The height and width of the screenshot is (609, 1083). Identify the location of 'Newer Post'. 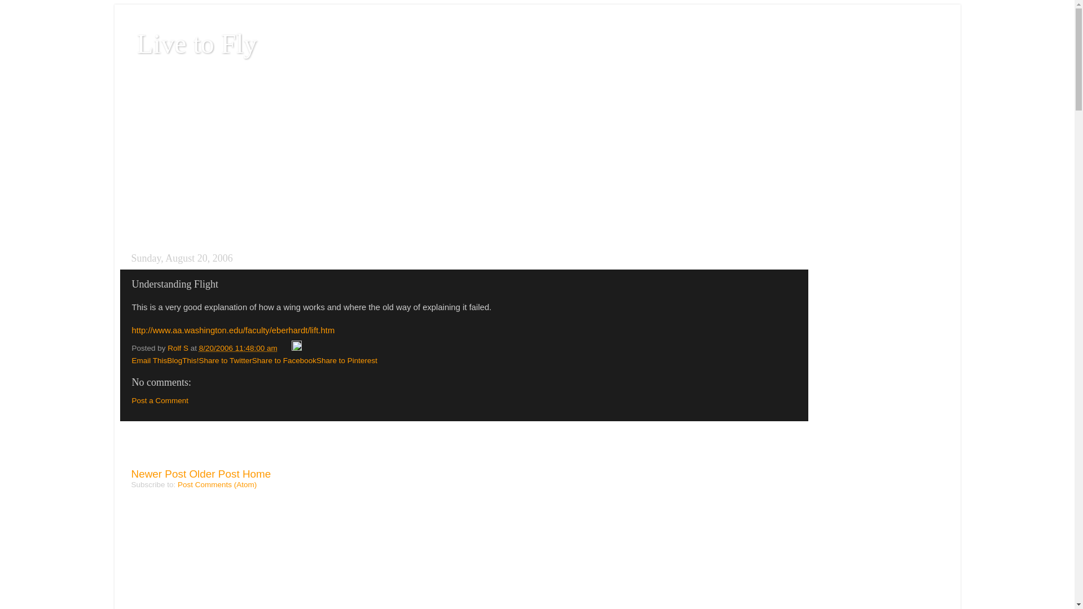
(130, 474).